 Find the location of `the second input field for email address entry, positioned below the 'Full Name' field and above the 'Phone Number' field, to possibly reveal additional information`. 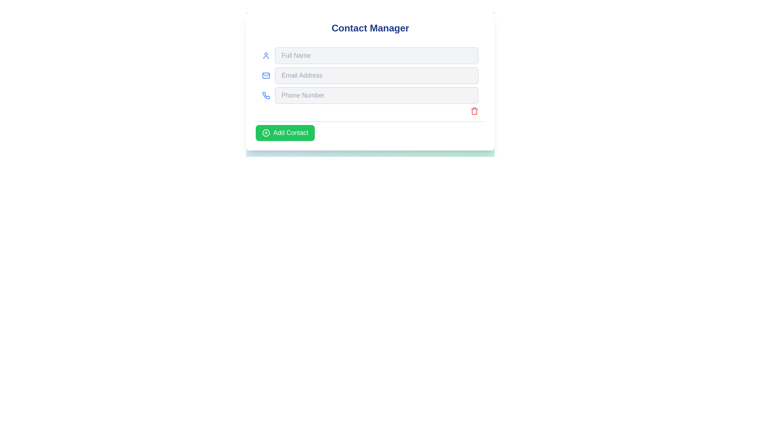

the second input field for email address entry, positioned below the 'Full Name' field and above the 'Phone Number' field, to possibly reveal additional information is located at coordinates (370, 75).